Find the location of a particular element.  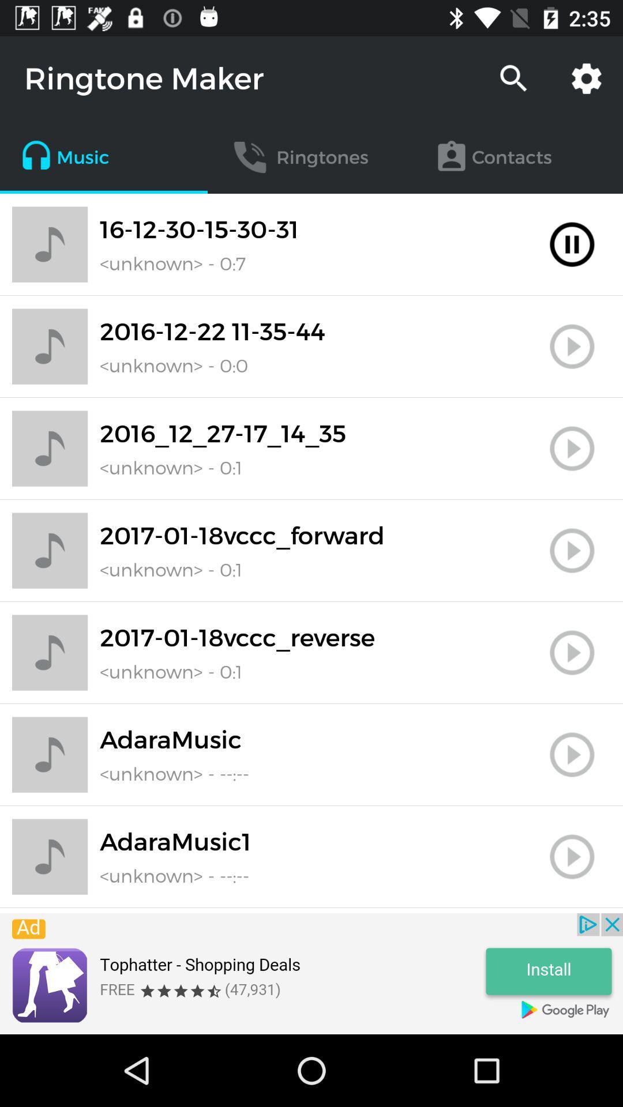

switch autoplay option is located at coordinates (572, 448).